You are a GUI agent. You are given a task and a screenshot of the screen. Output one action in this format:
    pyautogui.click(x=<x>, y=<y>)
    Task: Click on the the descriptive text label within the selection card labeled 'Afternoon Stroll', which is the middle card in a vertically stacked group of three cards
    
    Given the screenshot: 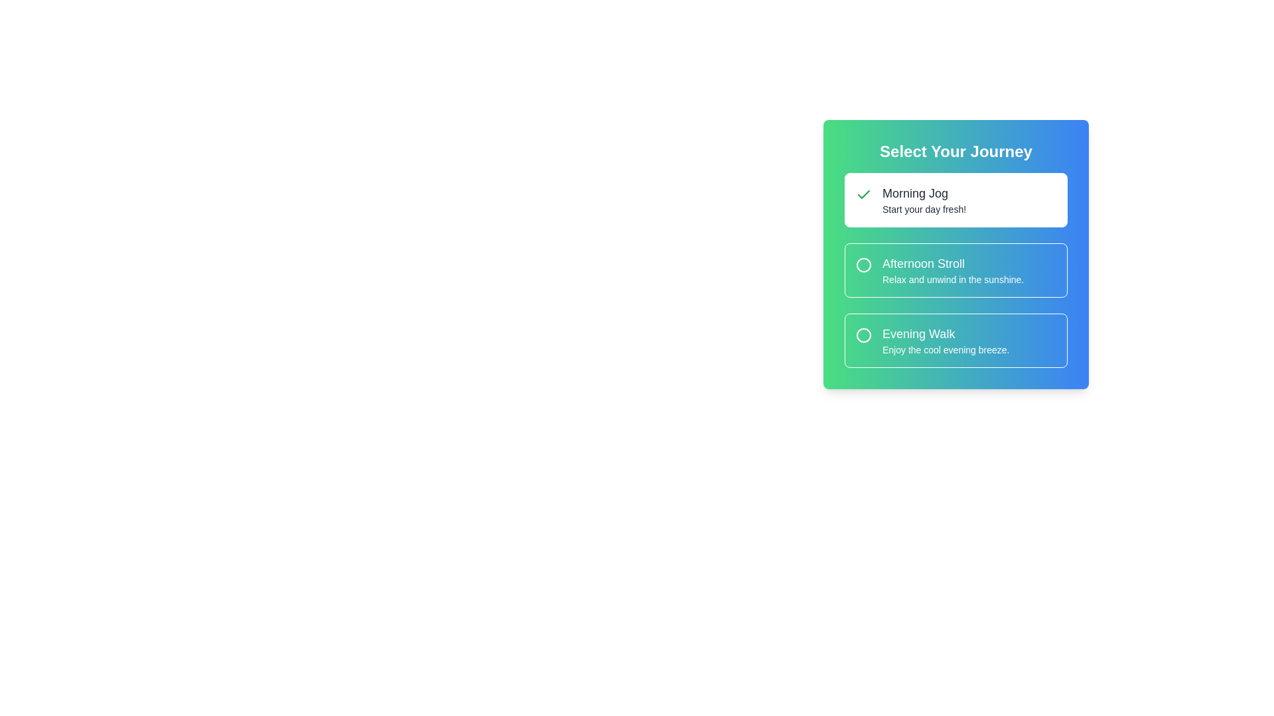 What is the action you would take?
    pyautogui.click(x=952, y=270)
    